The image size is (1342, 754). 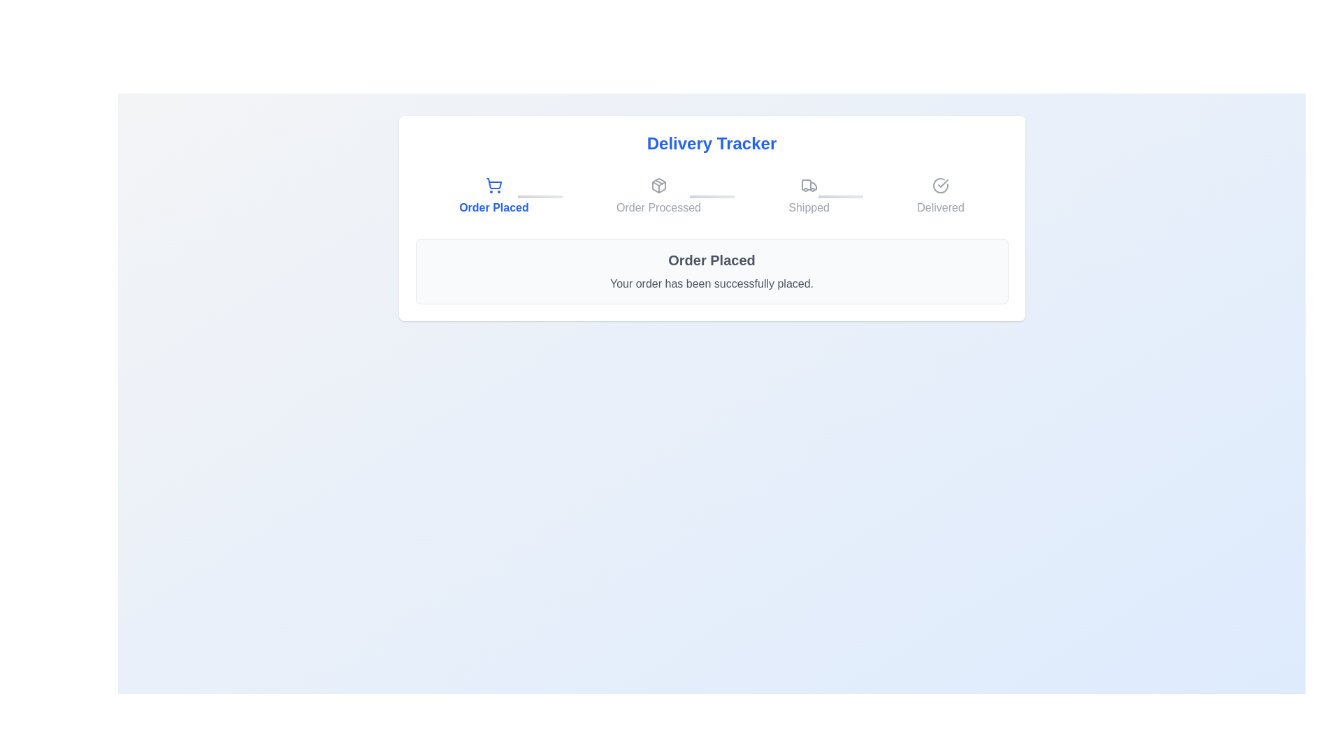 I want to click on the step icon corresponding to Delivered to navigate to that step, so click(x=941, y=196).